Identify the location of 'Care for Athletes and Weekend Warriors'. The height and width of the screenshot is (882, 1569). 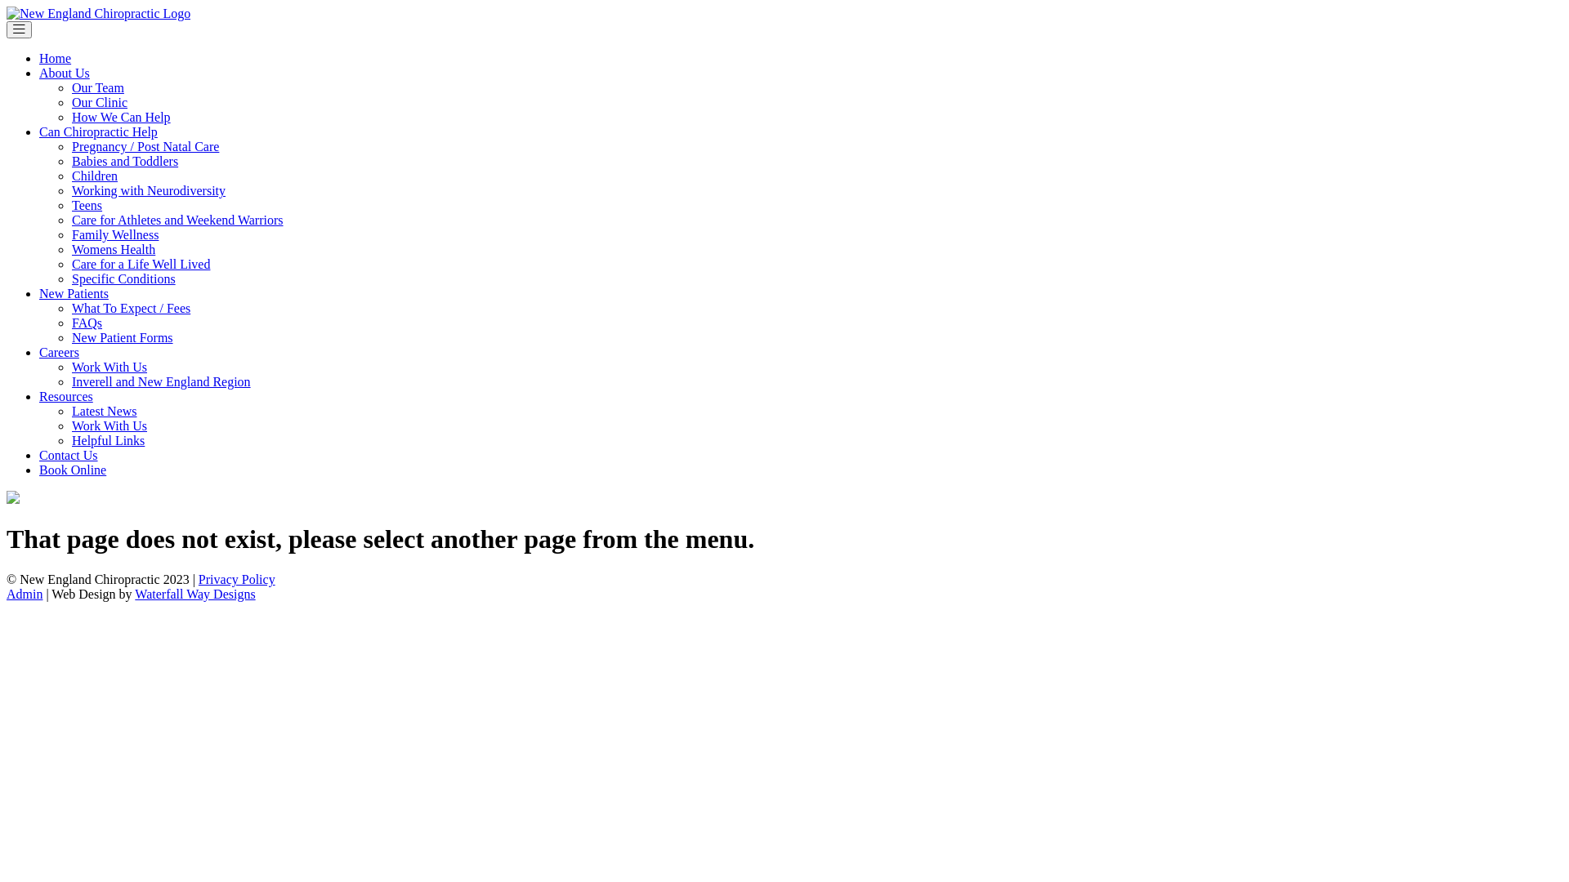
(70, 219).